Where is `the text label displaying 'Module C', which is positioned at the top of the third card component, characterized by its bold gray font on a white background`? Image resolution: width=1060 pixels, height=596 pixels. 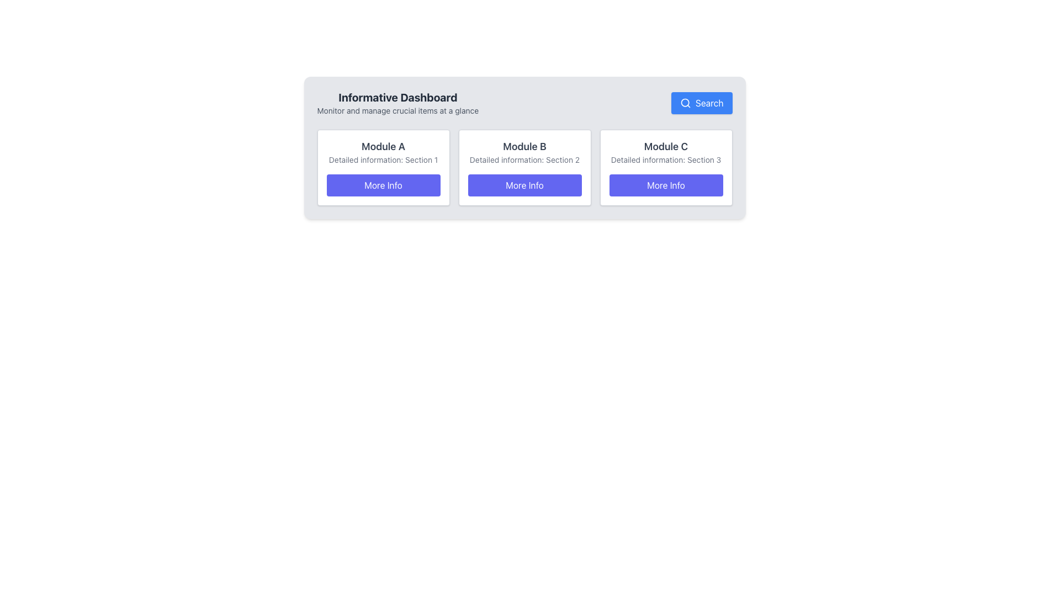 the text label displaying 'Module C', which is positioned at the top of the third card component, characterized by its bold gray font on a white background is located at coordinates (665, 146).